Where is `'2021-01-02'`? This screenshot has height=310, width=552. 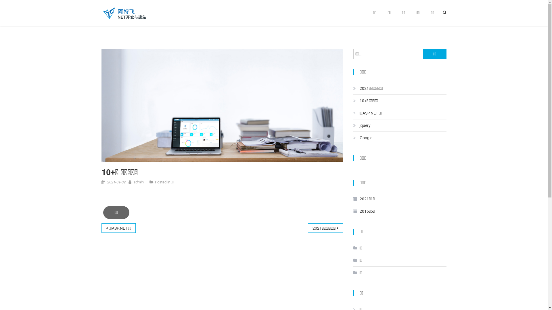 '2021-01-02' is located at coordinates (116, 182).